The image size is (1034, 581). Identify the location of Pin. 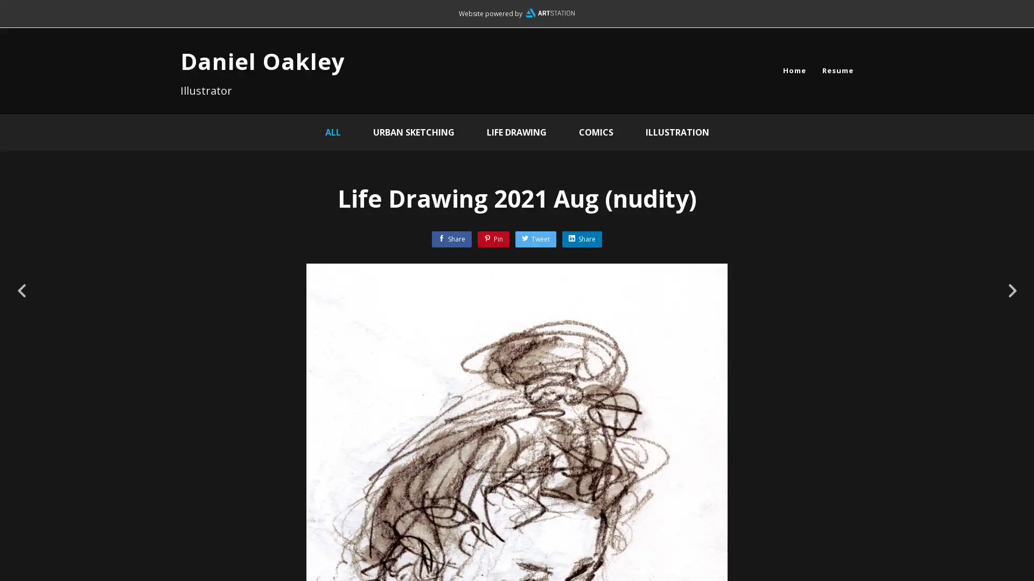
(493, 238).